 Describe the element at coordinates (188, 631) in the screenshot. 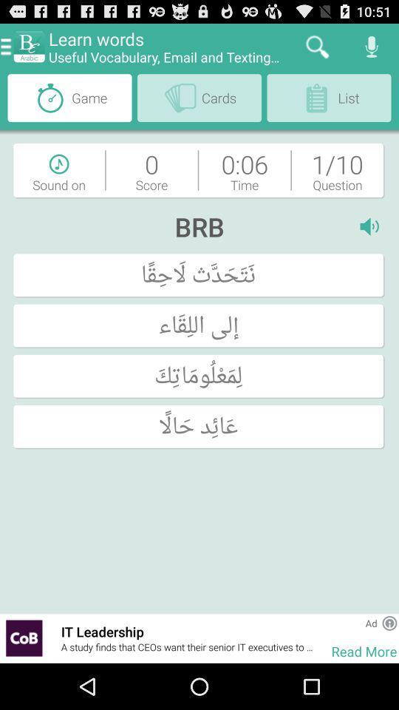

I see `the item above a study finds item` at that location.